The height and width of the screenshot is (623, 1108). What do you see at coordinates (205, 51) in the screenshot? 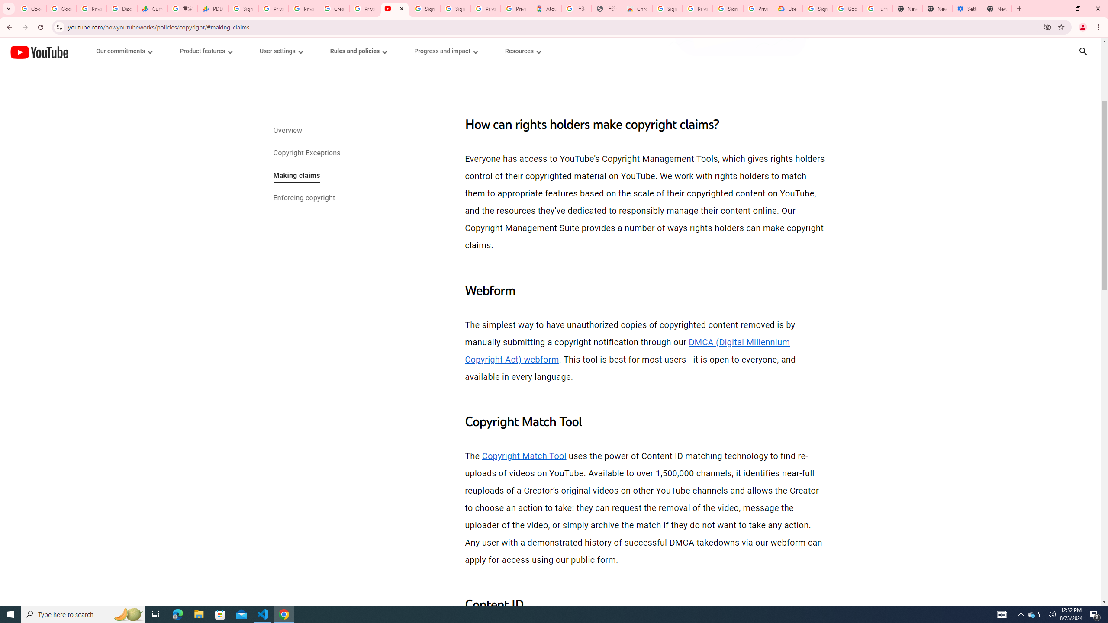
I see `'Product features menupopup'` at bounding box center [205, 51].